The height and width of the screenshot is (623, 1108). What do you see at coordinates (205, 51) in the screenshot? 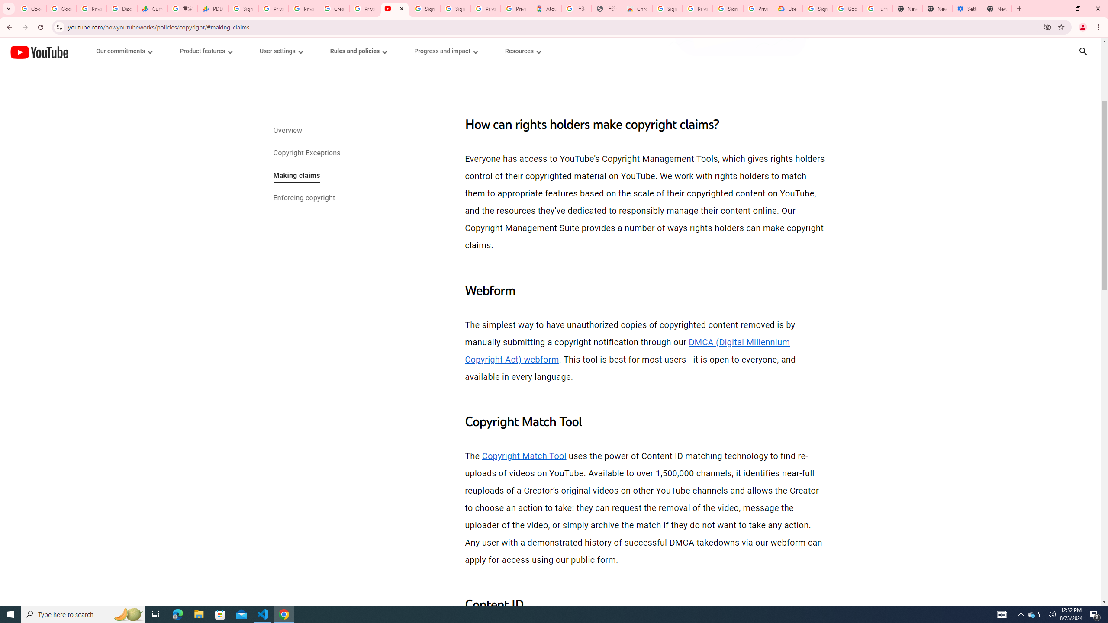
I see `'Product features menupopup'` at bounding box center [205, 51].